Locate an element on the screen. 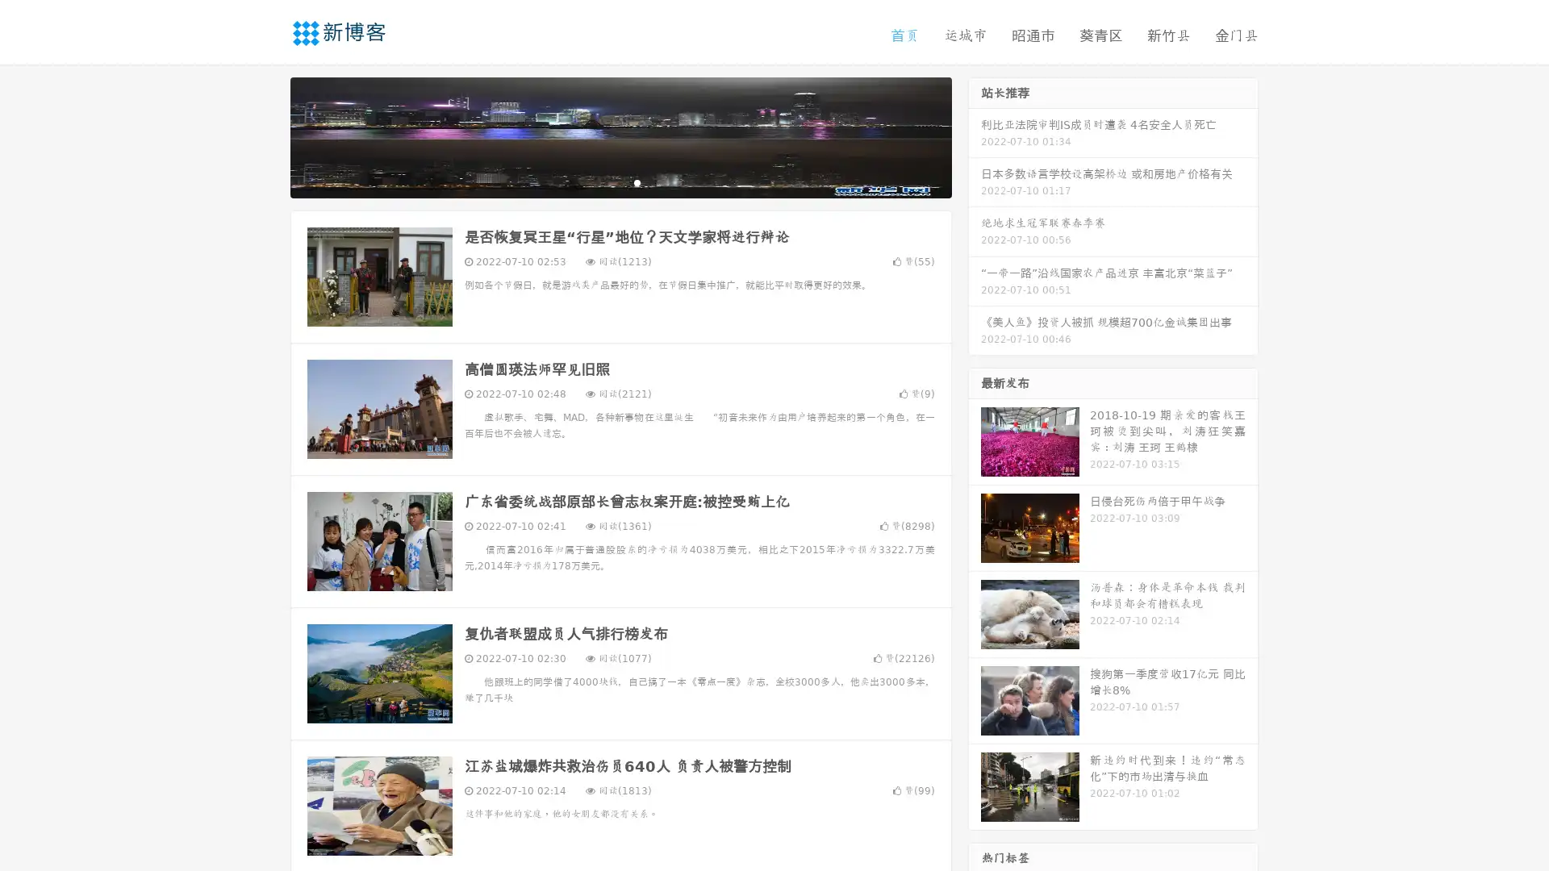 The image size is (1549, 871). Next slide is located at coordinates (975, 135).